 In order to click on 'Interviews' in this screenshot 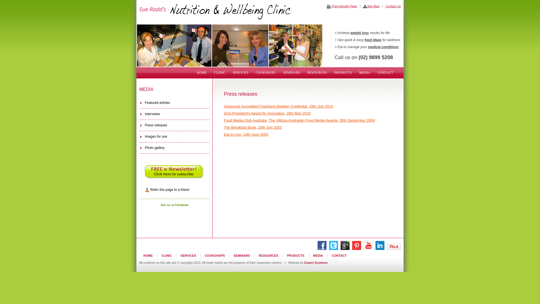, I will do `click(174, 114)`.